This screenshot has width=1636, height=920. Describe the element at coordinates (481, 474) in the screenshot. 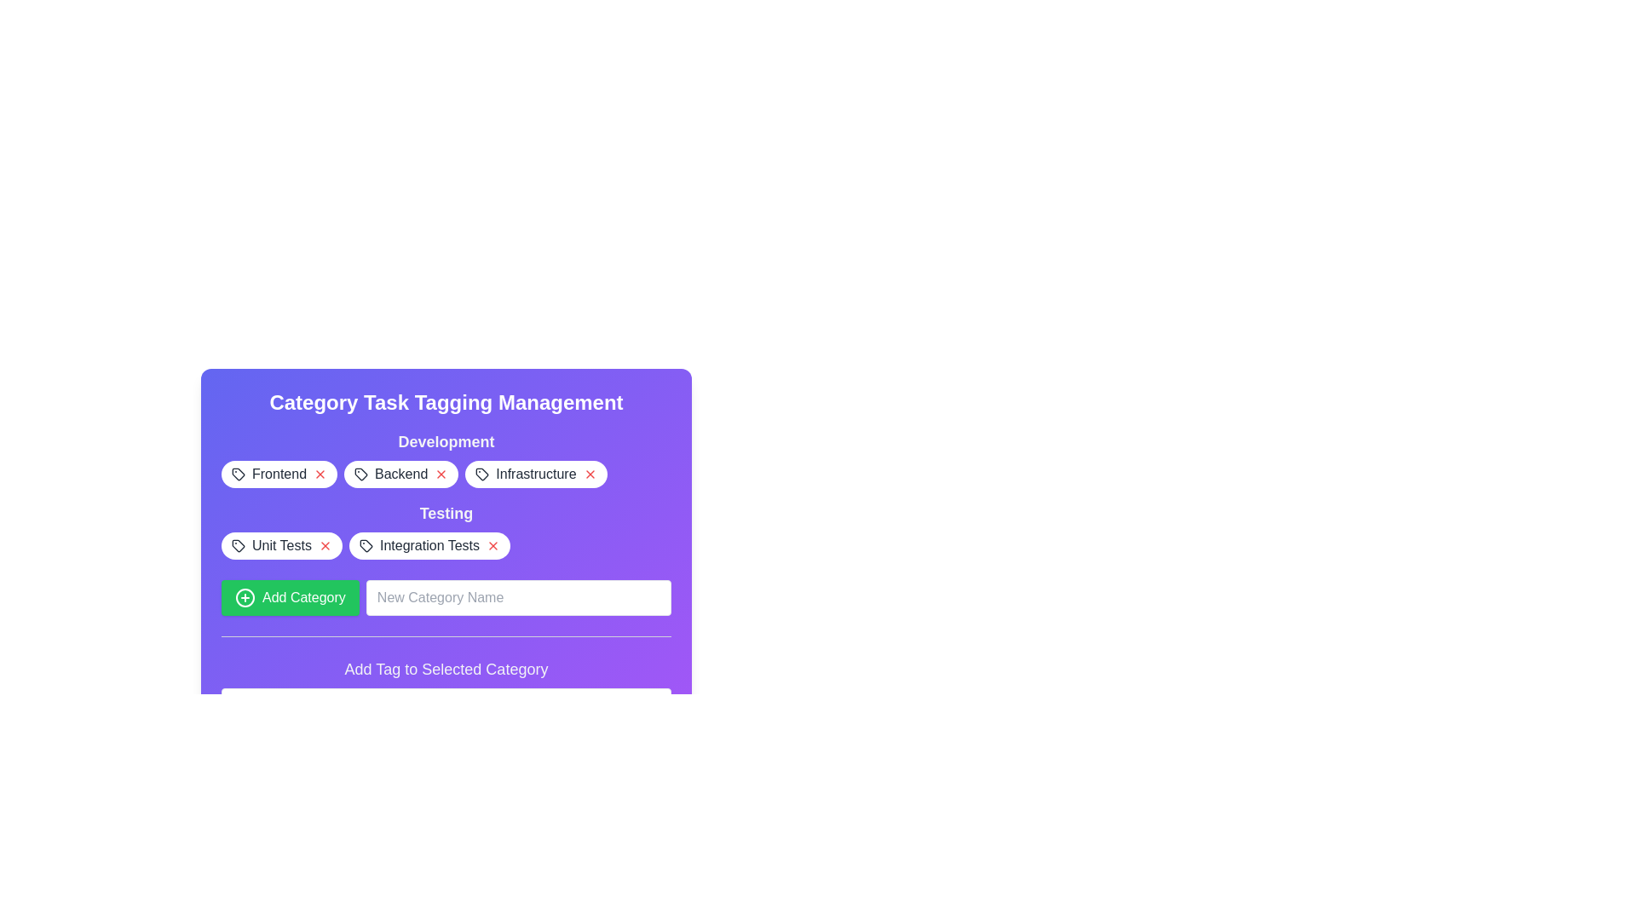

I see `the small tag symbol icon with a black outline located within the 'Infrastructure' label, which is the third item in the Development category section of the 'Category Task Tagging Management.'` at that location.